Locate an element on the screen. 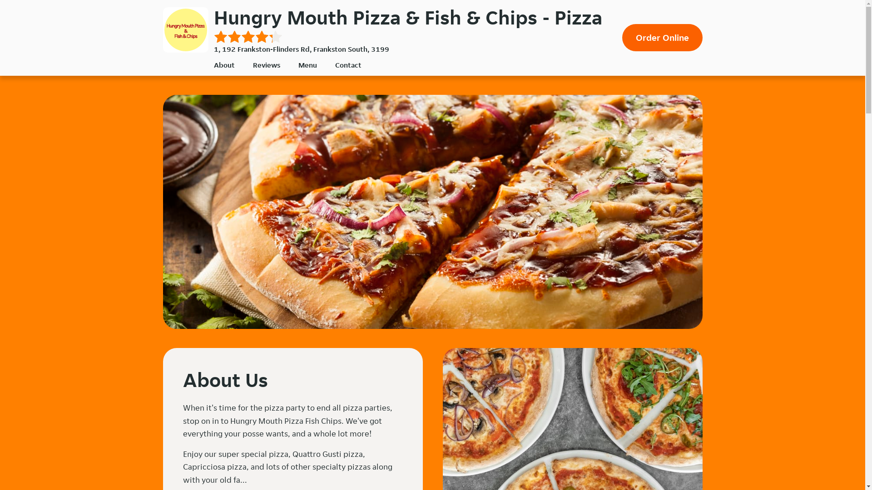 The width and height of the screenshot is (872, 490). 'Reviews' is located at coordinates (265, 64).